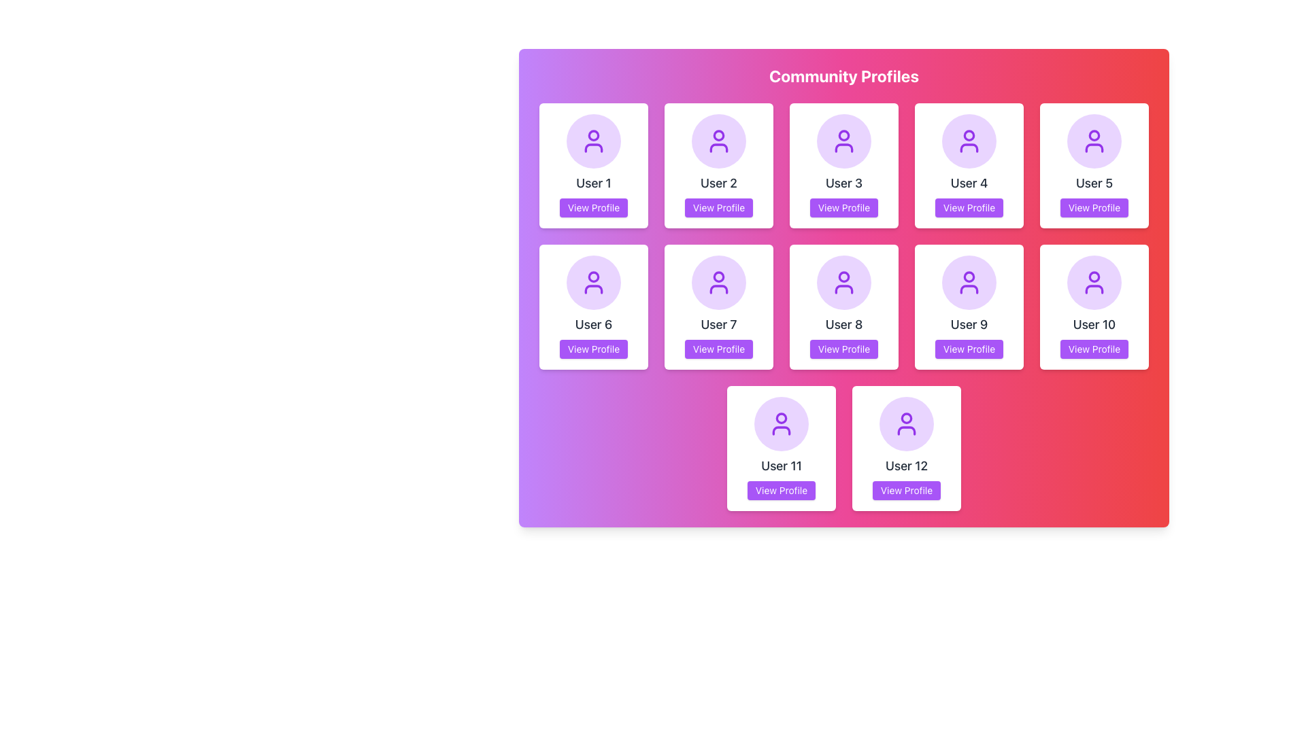 Image resolution: width=1306 pixels, height=734 pixels. Describe the element at coordinates (594, 348) in the screenshot. I see `the button located at the bottom of the card displaying user information for 'User 6'` at that location.